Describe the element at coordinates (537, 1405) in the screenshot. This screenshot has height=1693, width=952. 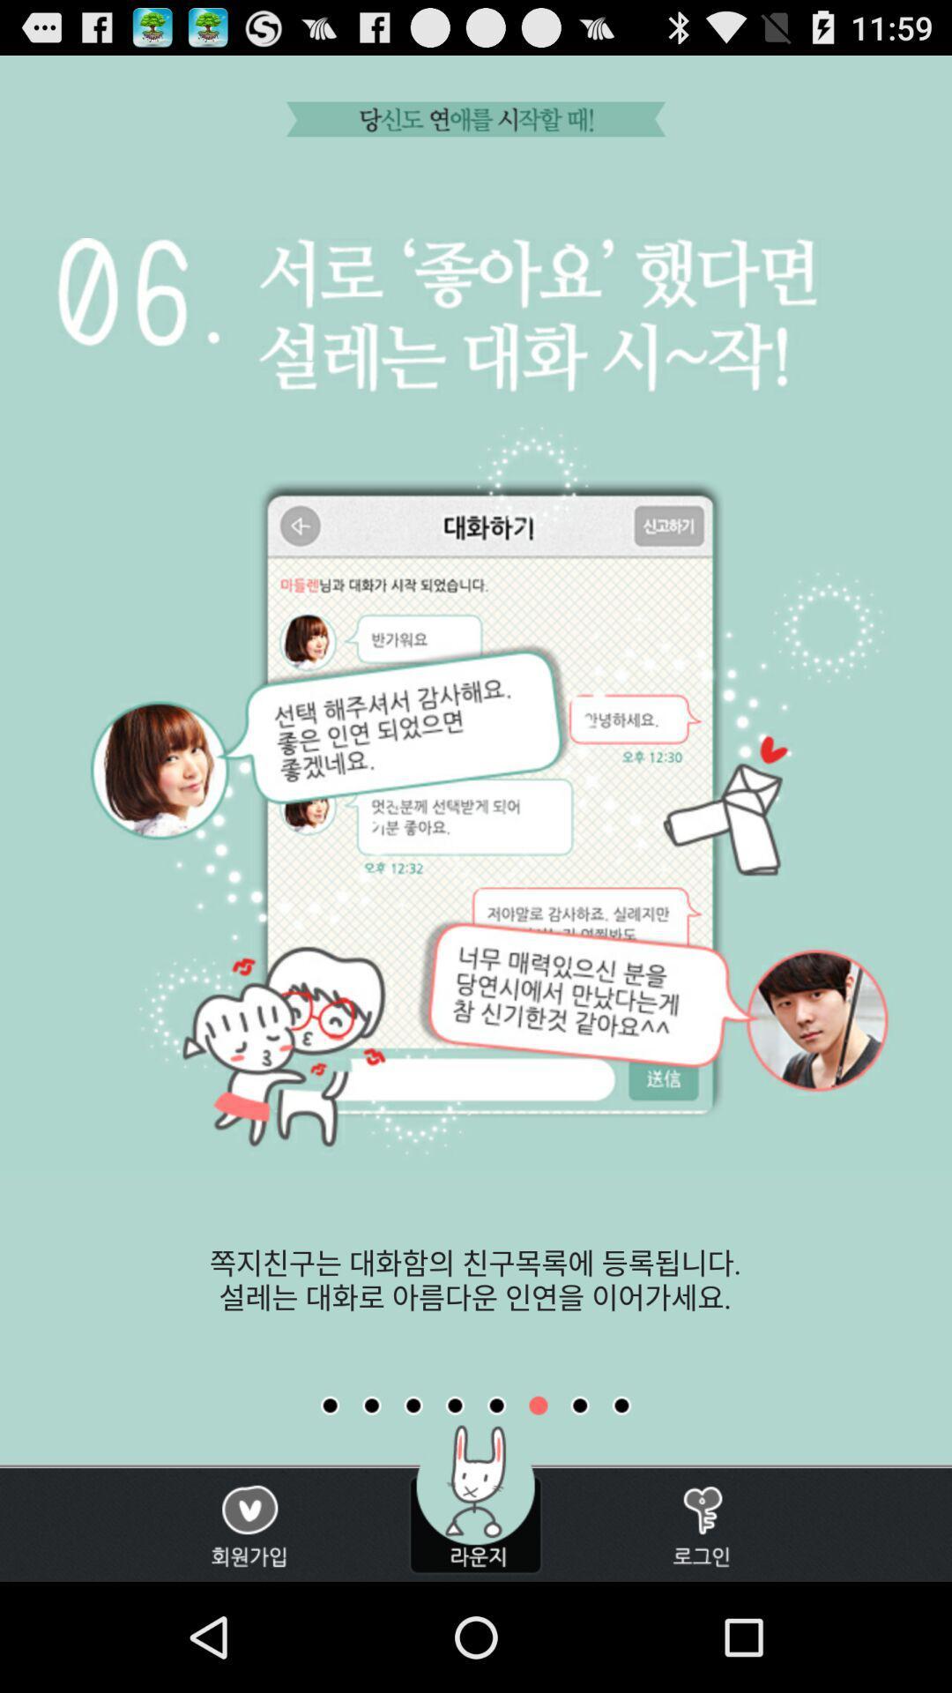
I see `page` at that location.